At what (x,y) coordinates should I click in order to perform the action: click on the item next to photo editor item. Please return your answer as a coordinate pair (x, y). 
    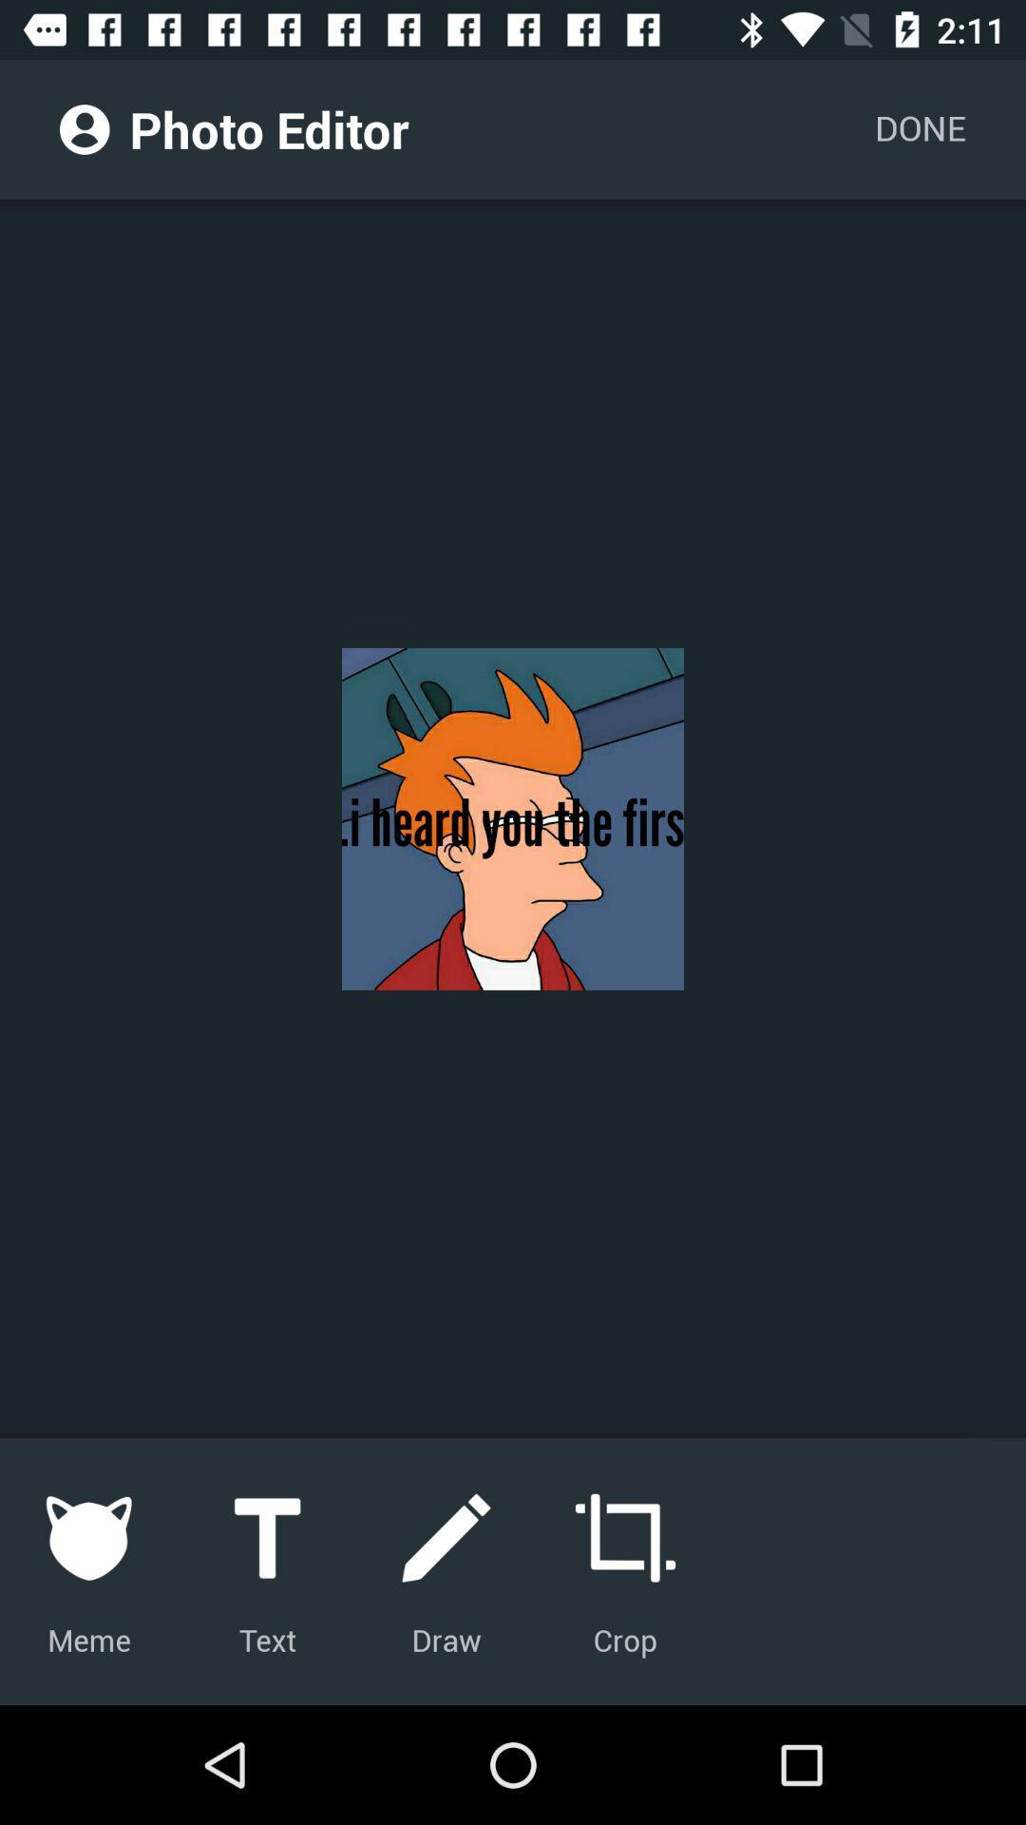
    Looking at the image, I should click on (919, 128).